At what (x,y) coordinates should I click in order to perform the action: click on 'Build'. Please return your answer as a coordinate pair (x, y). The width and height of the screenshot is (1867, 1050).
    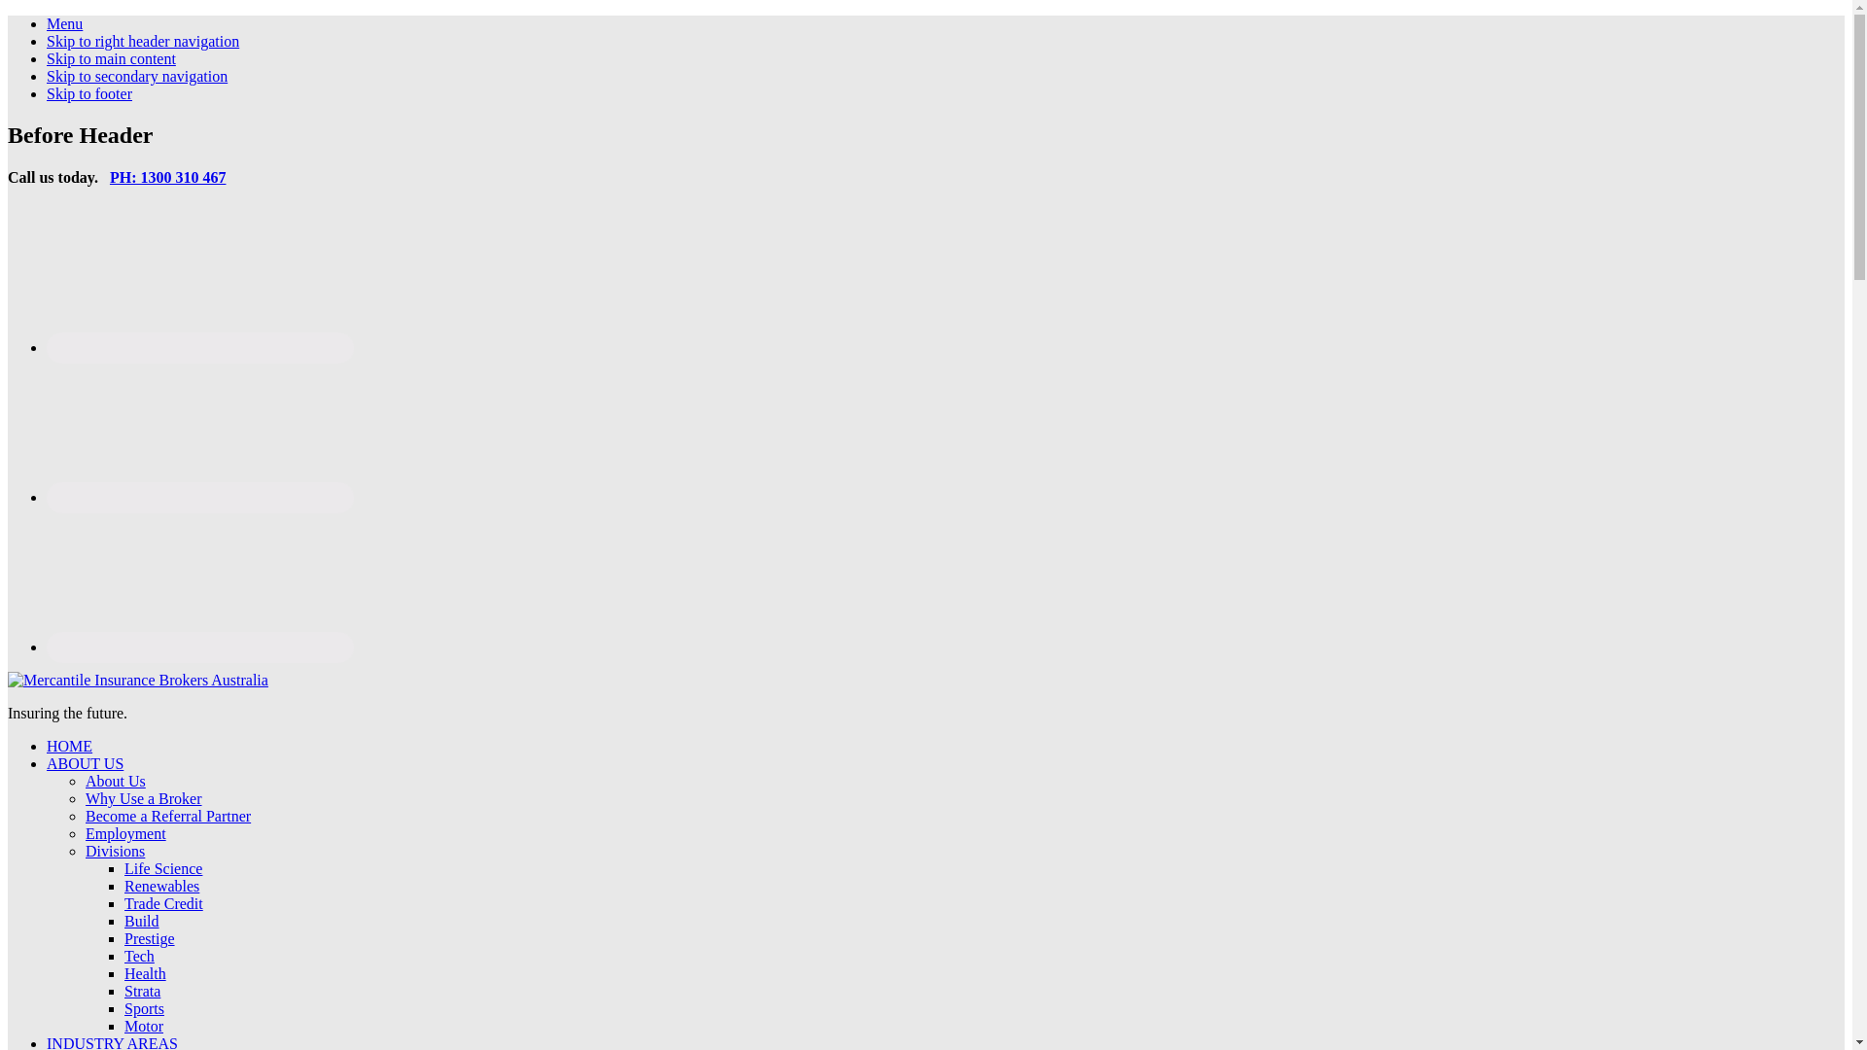
    Looking at the image, I should click on (140, 920).